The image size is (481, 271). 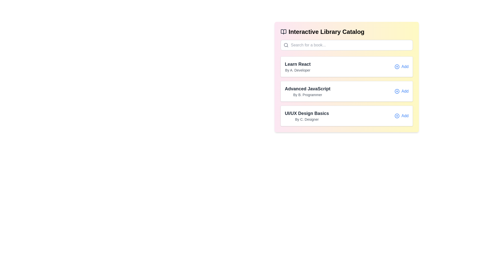 I want to click on the Text Label that serves as the title for the first item in the catalog, located above the text 'By A. Developer', so click(x=298, y=64).